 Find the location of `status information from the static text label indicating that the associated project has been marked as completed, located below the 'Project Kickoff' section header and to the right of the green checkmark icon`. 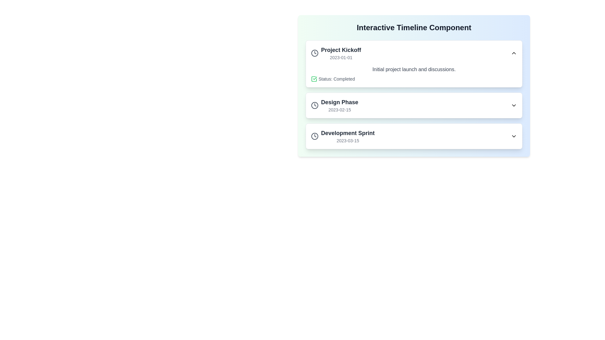

status information from the static text label indicating that the associated project has been marked as completed, located below the 'Project Kickoff' section header and to the right of the green checkmark icon is located at coordinates (336, 78).